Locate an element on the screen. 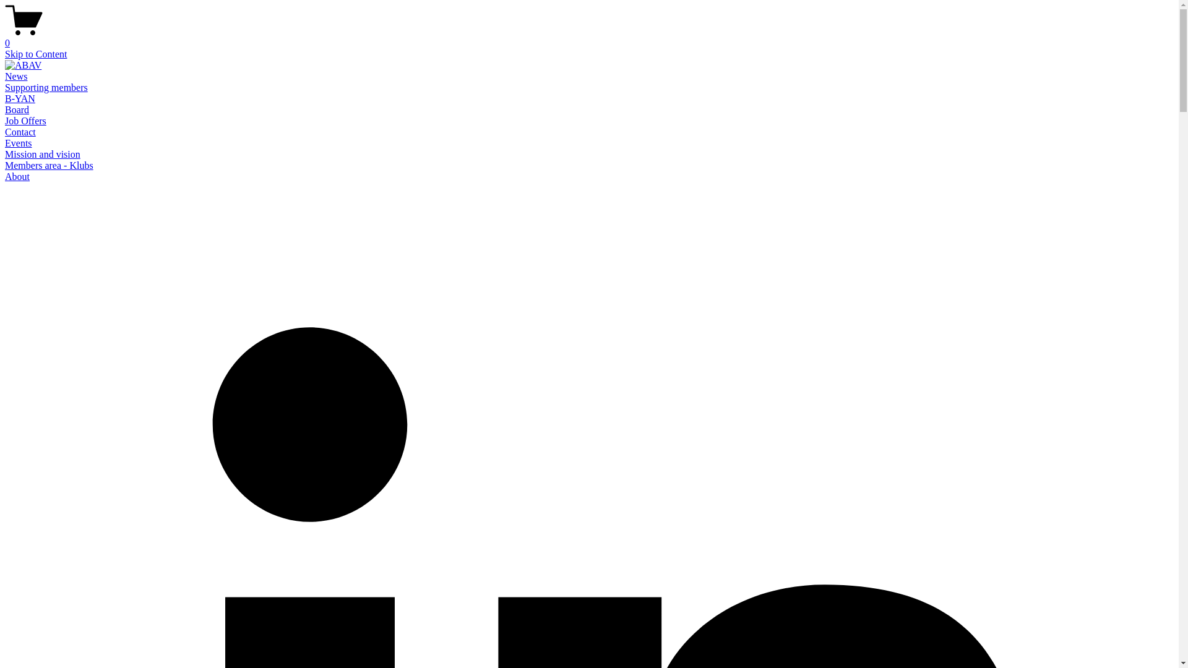 This screenshot has height=668, width=1188. '0' is located at coordinates (5, 37).